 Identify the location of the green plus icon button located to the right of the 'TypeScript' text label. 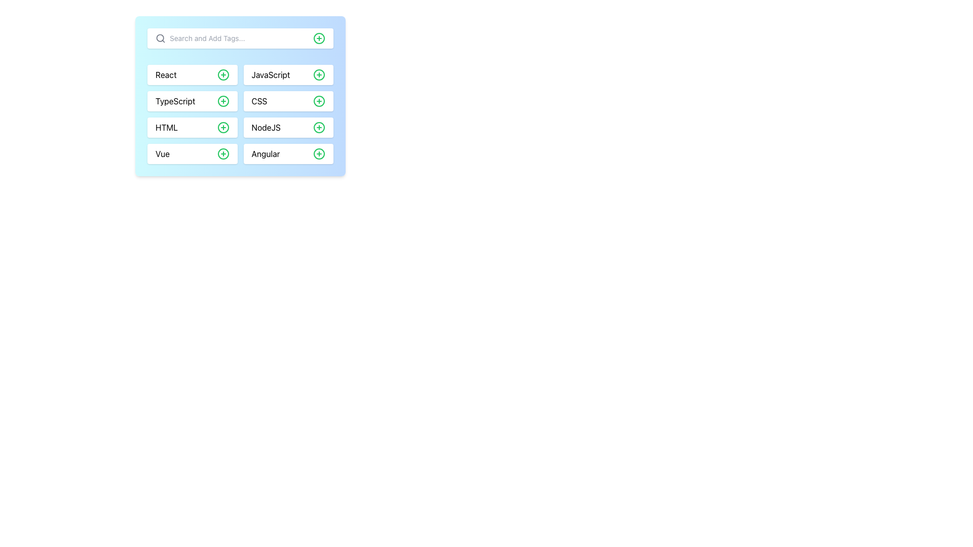
(222, 101).